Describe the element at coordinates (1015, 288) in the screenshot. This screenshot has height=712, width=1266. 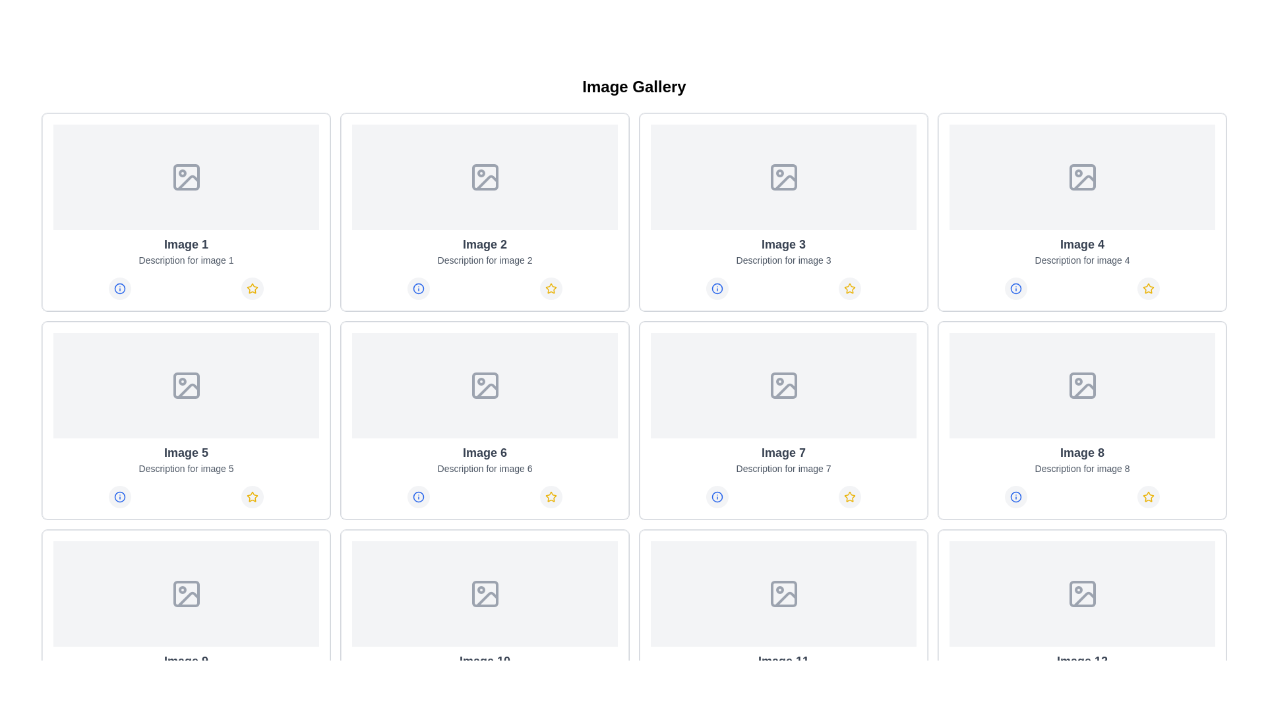
I see `the first icon in the horizontal icon group below 'Image 4'` at that location.